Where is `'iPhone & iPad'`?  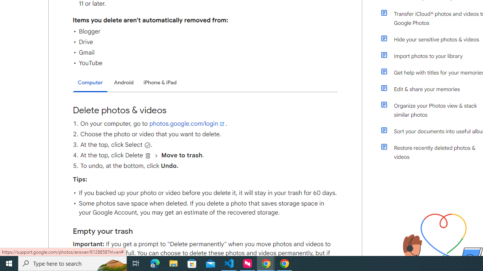
'iPhone & iPad' is located at coordinates (160, 82).